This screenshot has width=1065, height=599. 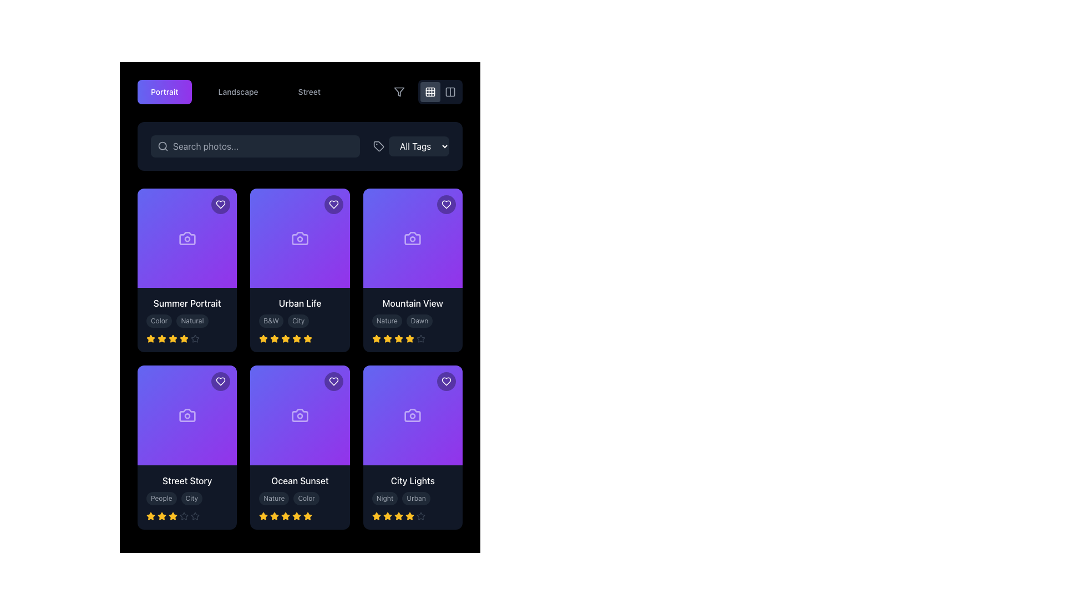 I want to click on the 'City' tag, which is a small rounded rectangle with a dark gray background and light gray text, located below the title 'Urban Life' as the second tag in a series of tags, so click(x=300, y=321).